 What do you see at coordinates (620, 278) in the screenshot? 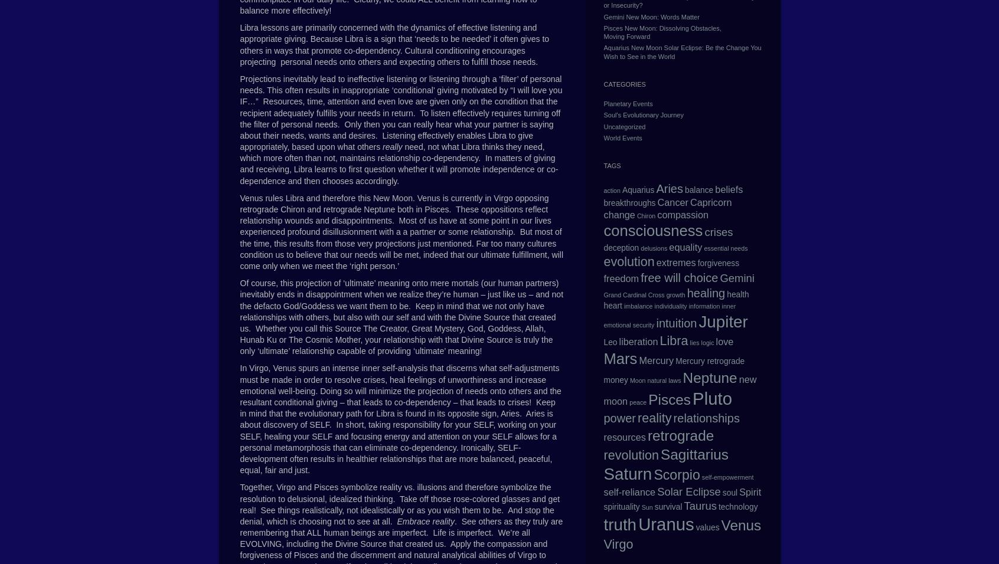
I see `'freedom'` at bounding box center [620, 278].